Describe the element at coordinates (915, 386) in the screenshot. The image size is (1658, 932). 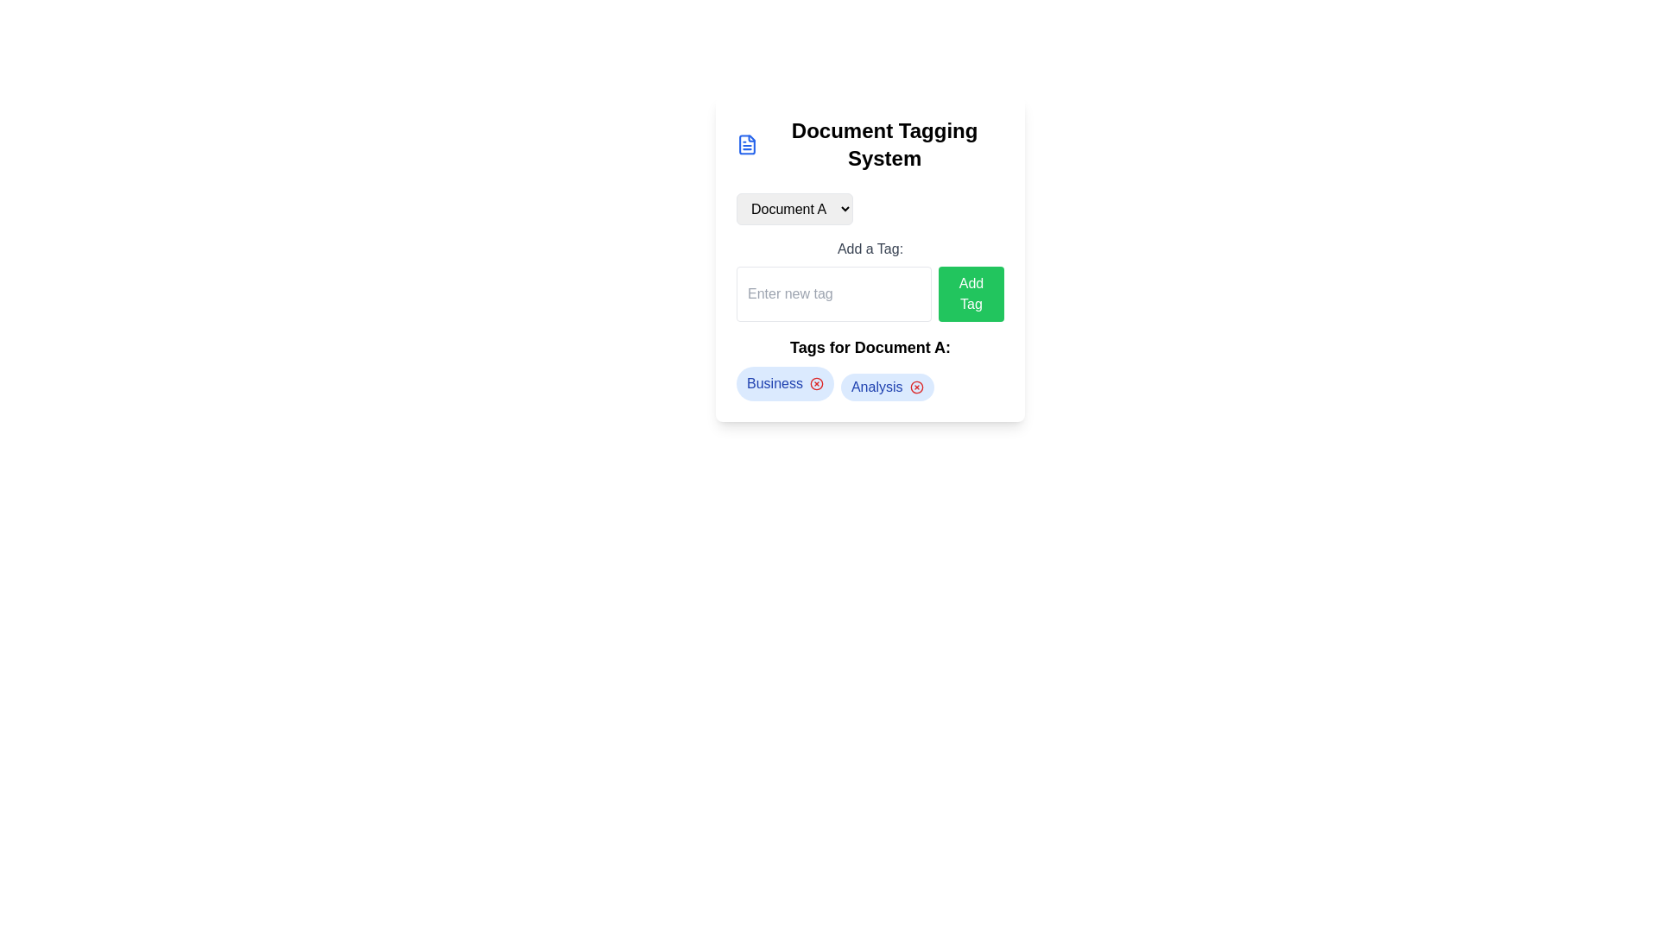
I see `the delete icon button located to the right of the 'Analysis' tag text` at that location.